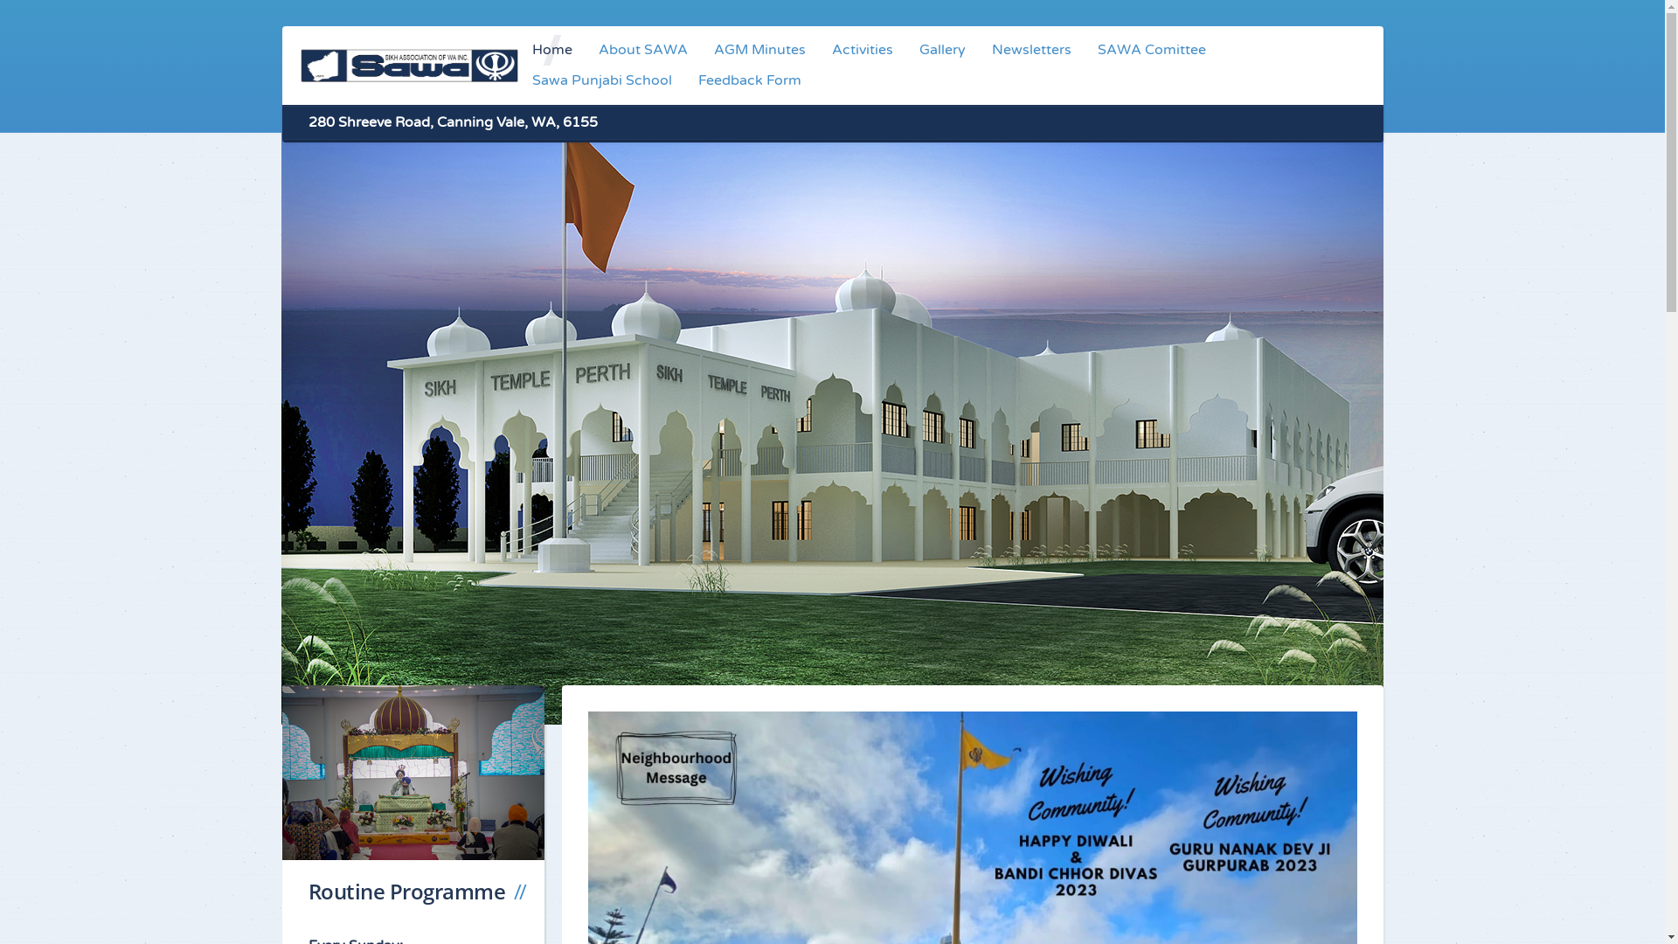 Image resolution: width=1678 pixels, height=944 pixels. Describe the element at coordinates (759, 49) in the screenshot. I see `'AGM Minutes'` at that location.